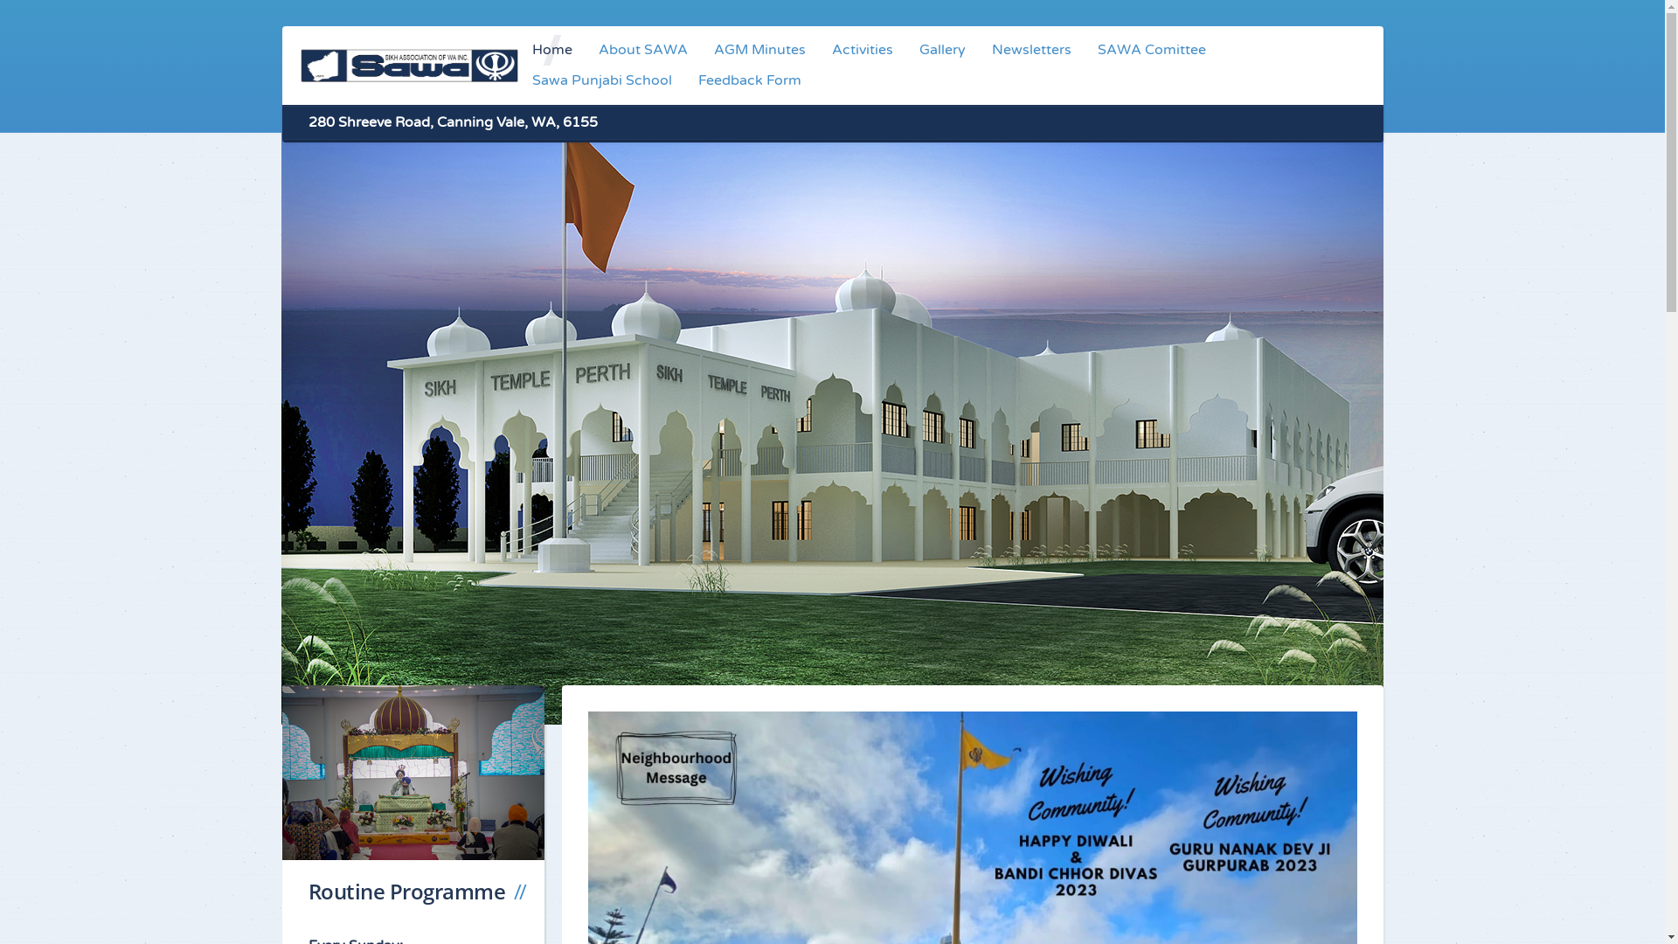 Image resolution: width=1678 pixels, height=944 pixels. Describe the element at coordinates (759, 49) in the screenshot. I see `'AGM Minutes'` at that location.